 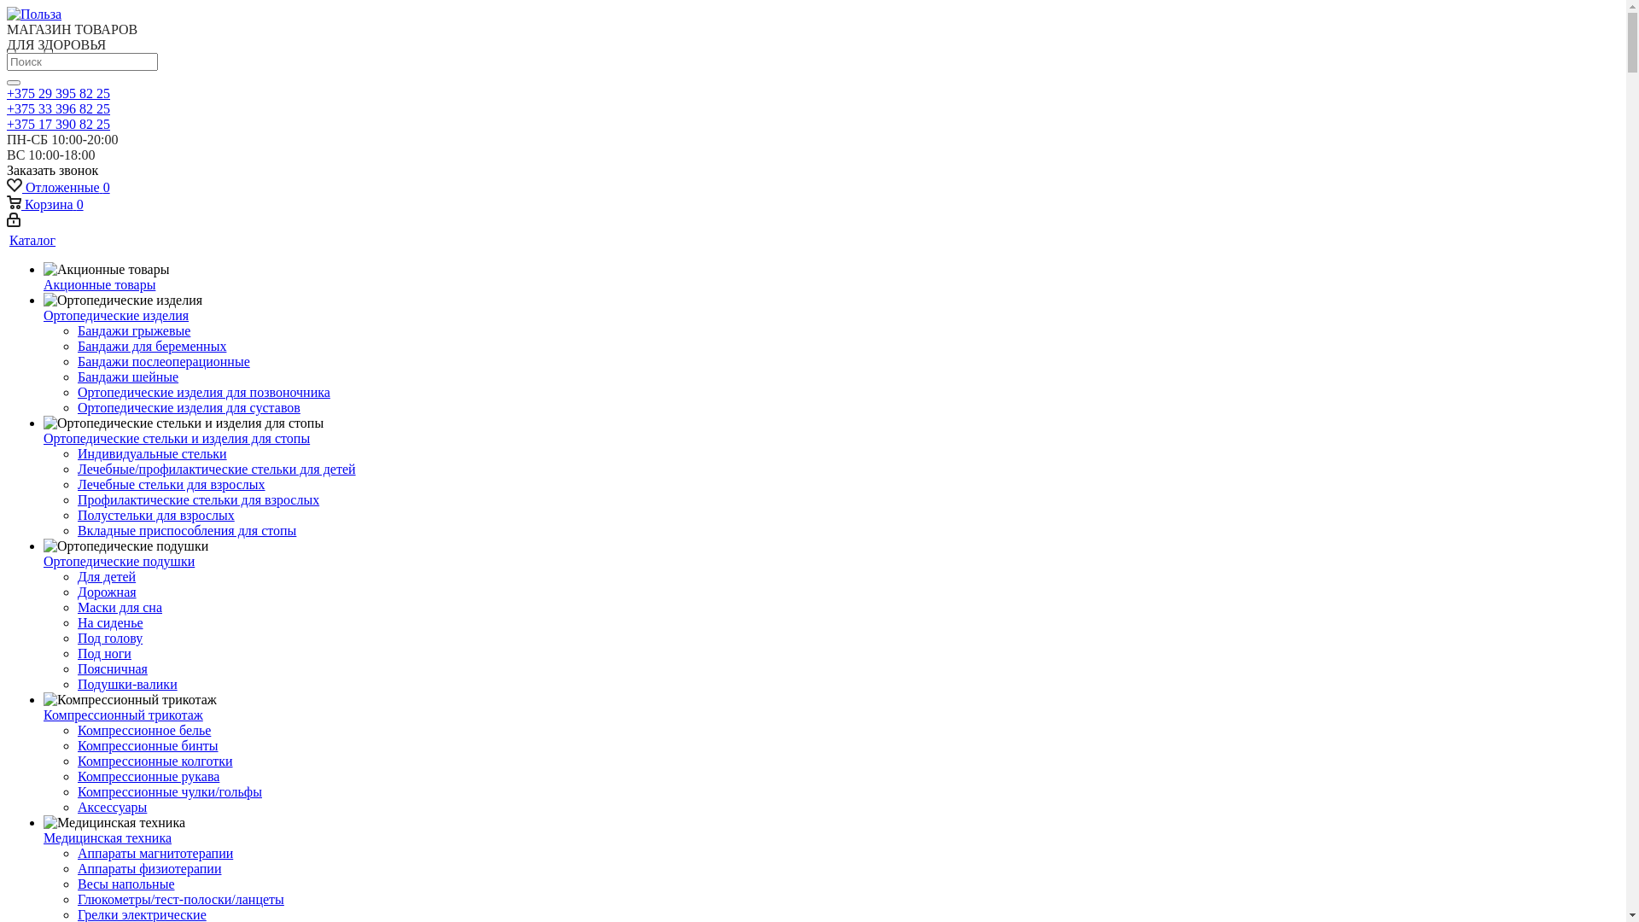 I want to click on '+375 33 396 82 25', so click(x=58, y=108).